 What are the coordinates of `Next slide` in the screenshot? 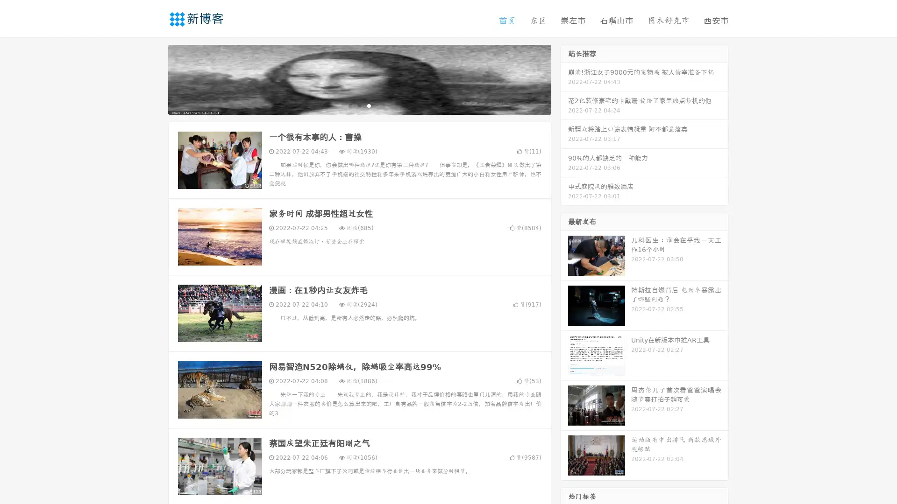 It's located at (564, 78).